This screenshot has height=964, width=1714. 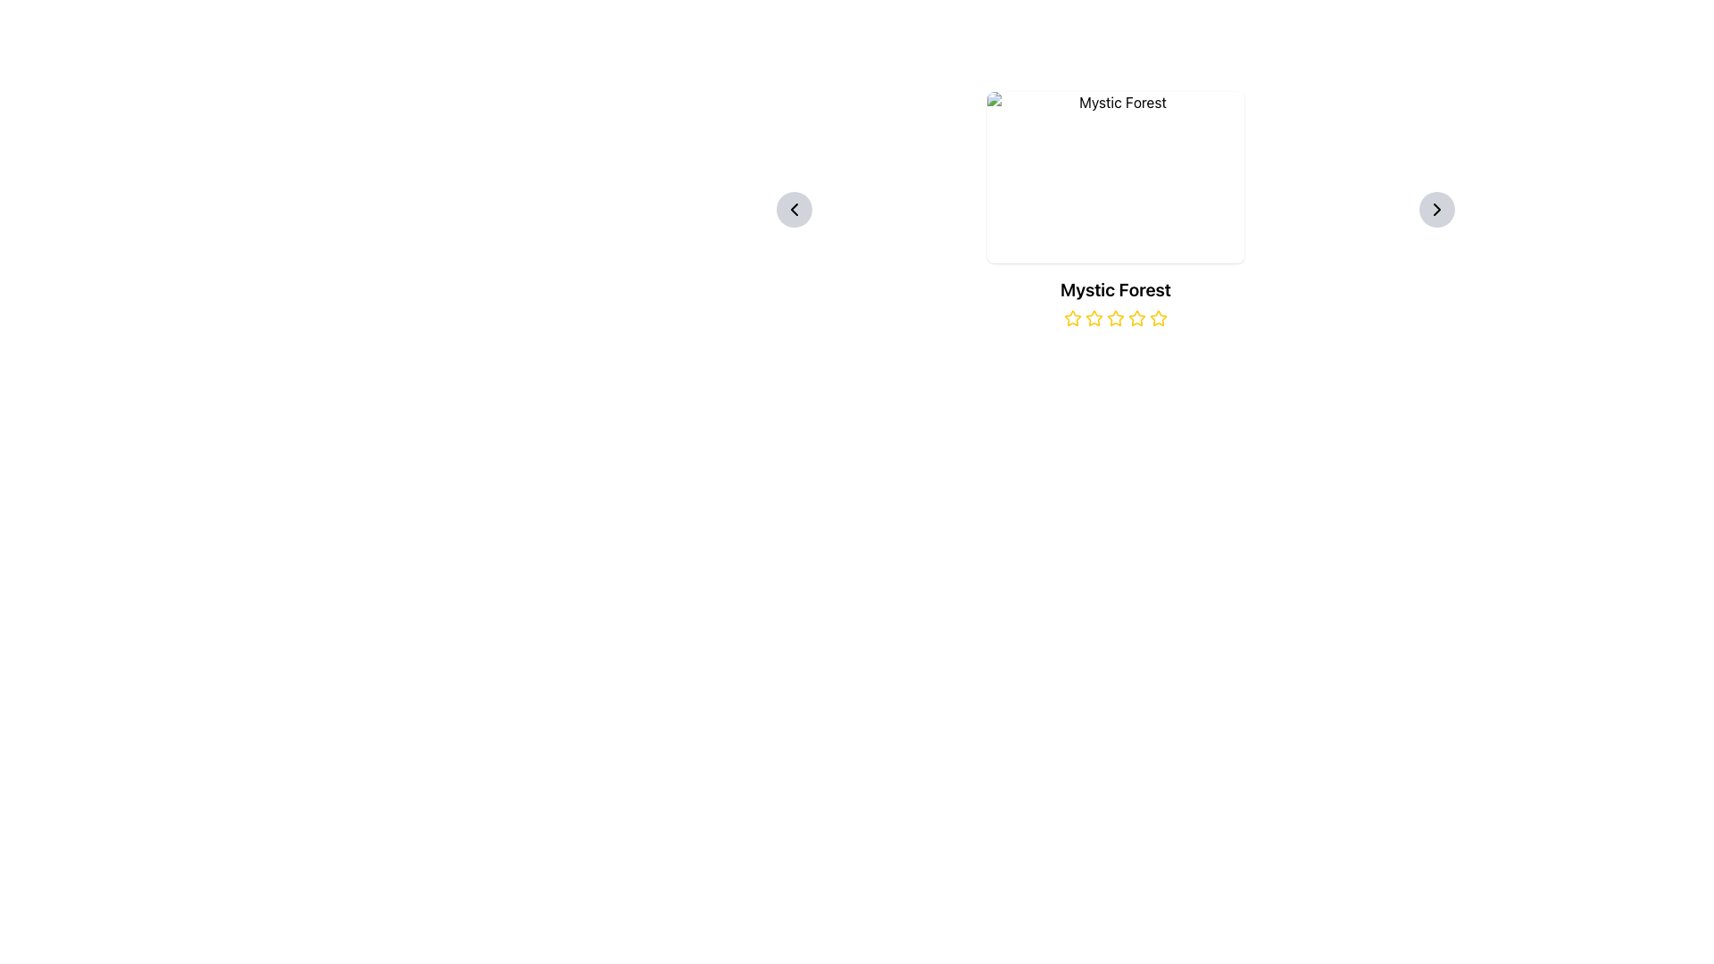 I want to click on the fifth yellow star rating icon located below the title 'Mystic Forest', so click(x=1114, y=318).